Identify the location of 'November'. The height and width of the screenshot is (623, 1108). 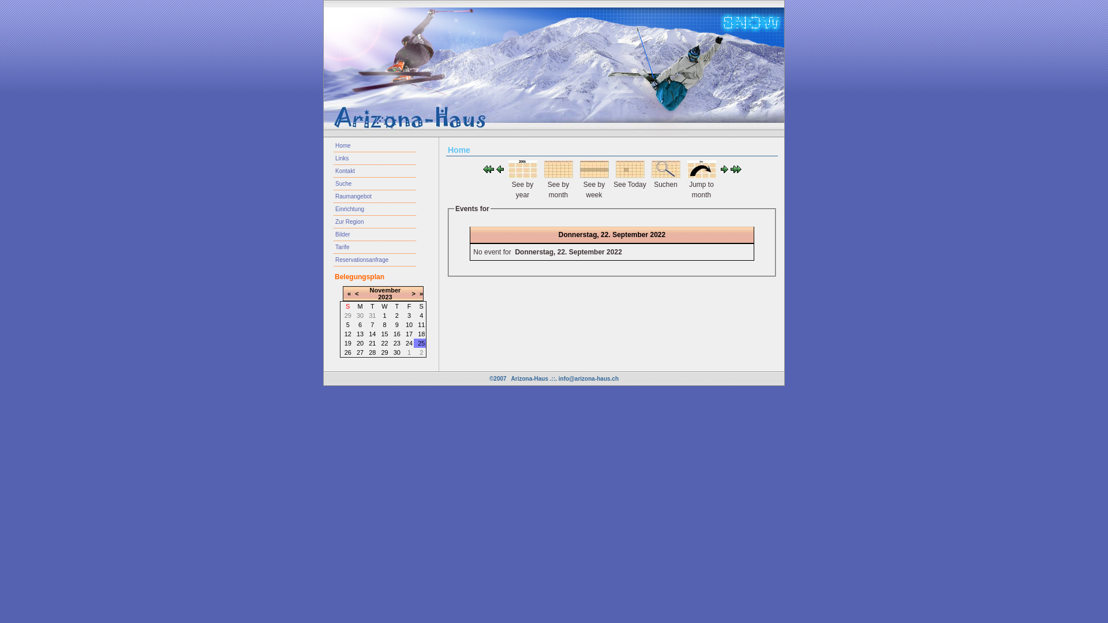
(385, 289).